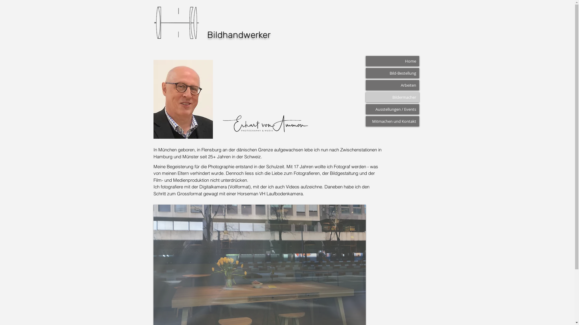 The image size is (579, 325). I want to click on 'Bildhandwerker', so click(238, 35).